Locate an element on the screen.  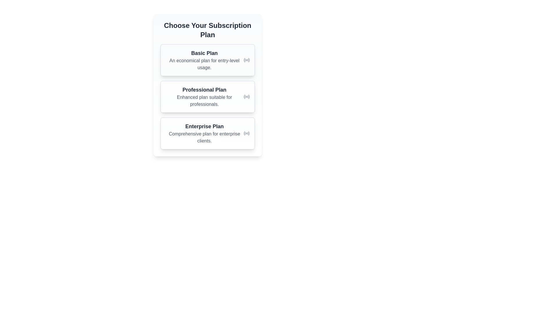
the circular icon resembling a radio signal with concentric arcs located towards the right edge of the 'Enterprise Plan' box is located at coordinates (247, 133).